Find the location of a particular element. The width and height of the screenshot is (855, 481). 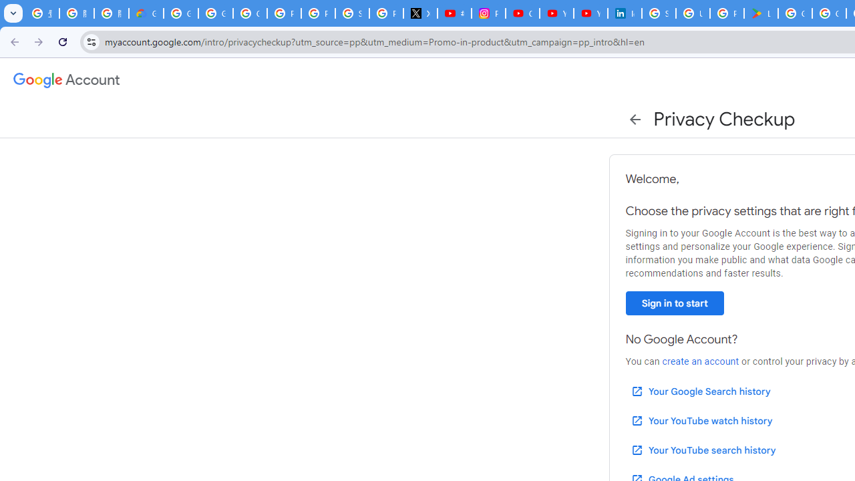

'Google Account settings' is located at coordinates (66, 80).